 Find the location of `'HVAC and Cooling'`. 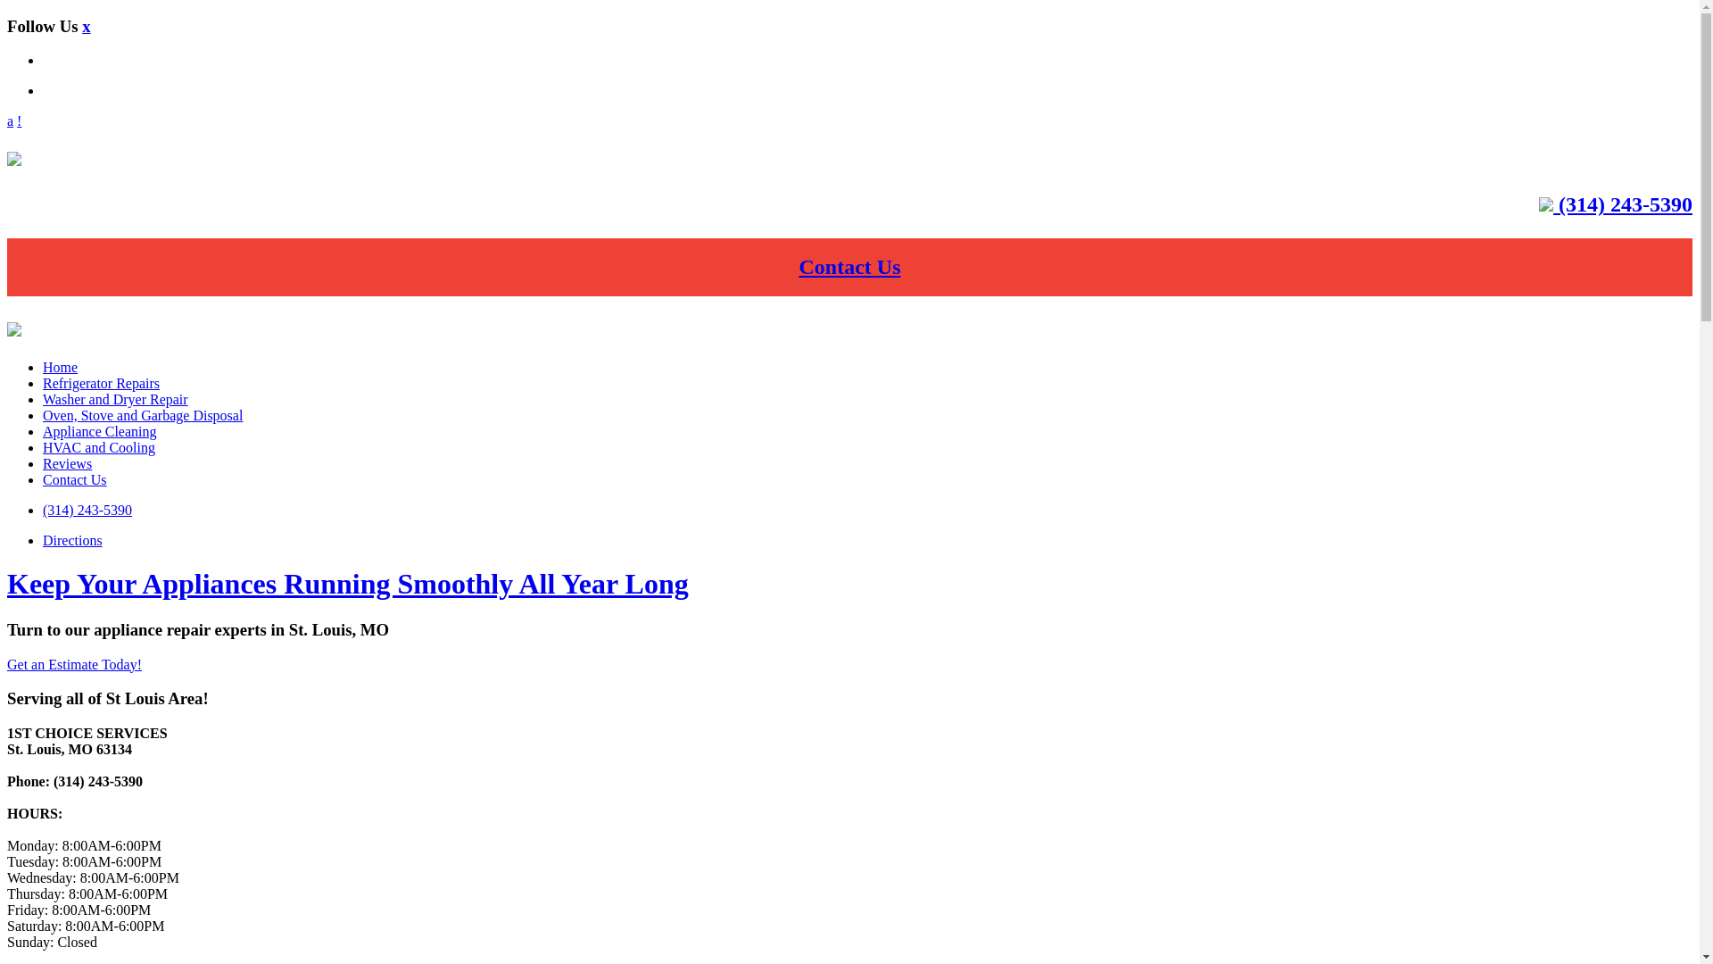

'HVAC and Cooling' is located at coordinates (97, 446).